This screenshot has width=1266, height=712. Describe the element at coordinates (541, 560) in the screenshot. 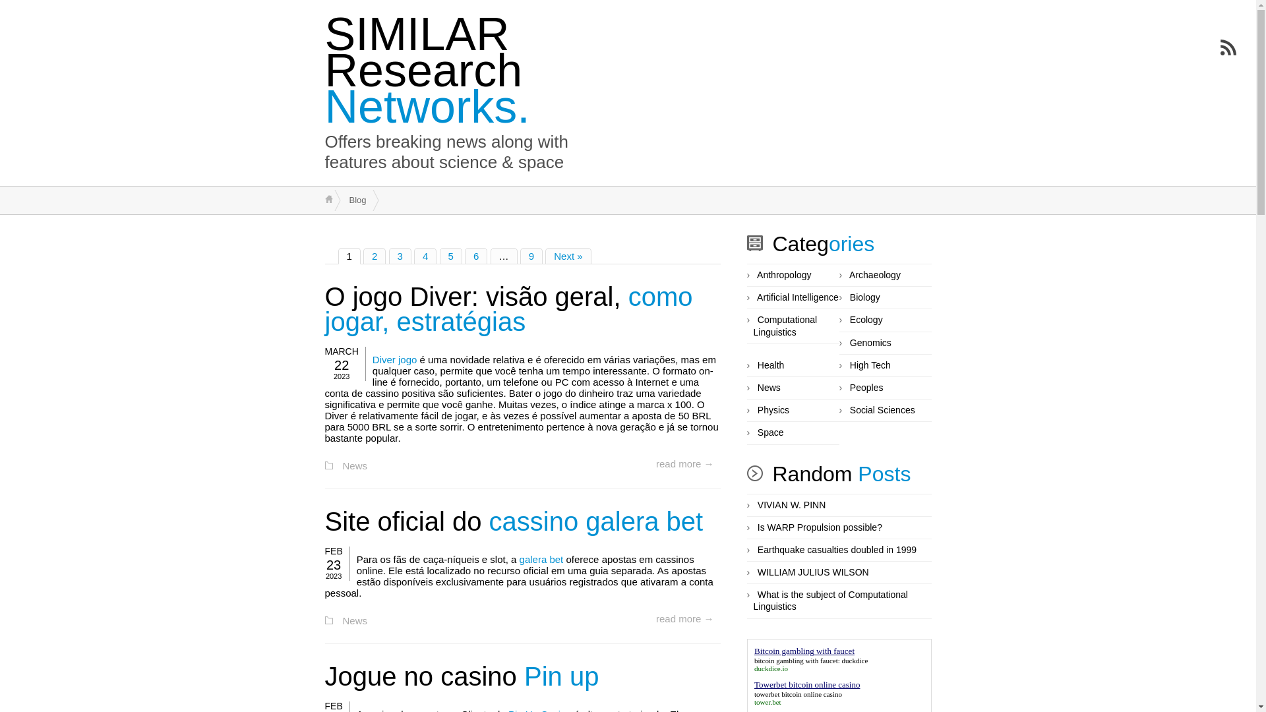

I see `'galera bet'` at that location.